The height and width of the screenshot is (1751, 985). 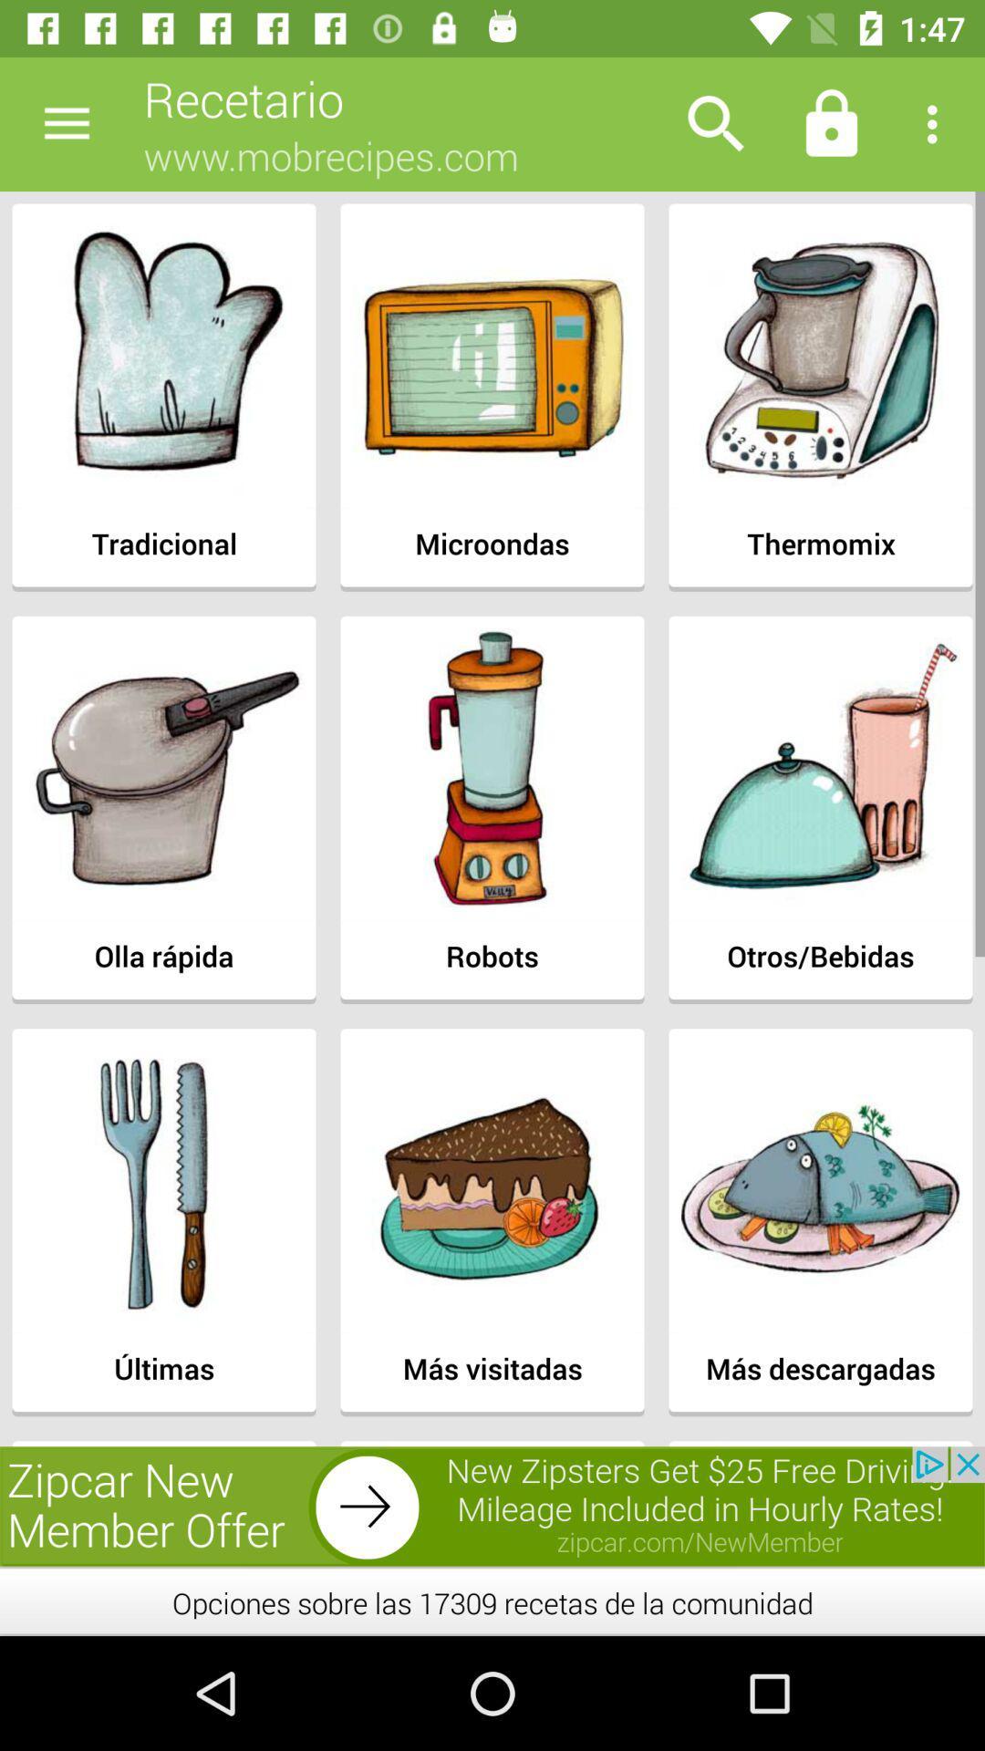 What do you see at coordinates (493, 1506) in the screenshot?
I see `advertisement for offer` at bounding box center [493, 1506].